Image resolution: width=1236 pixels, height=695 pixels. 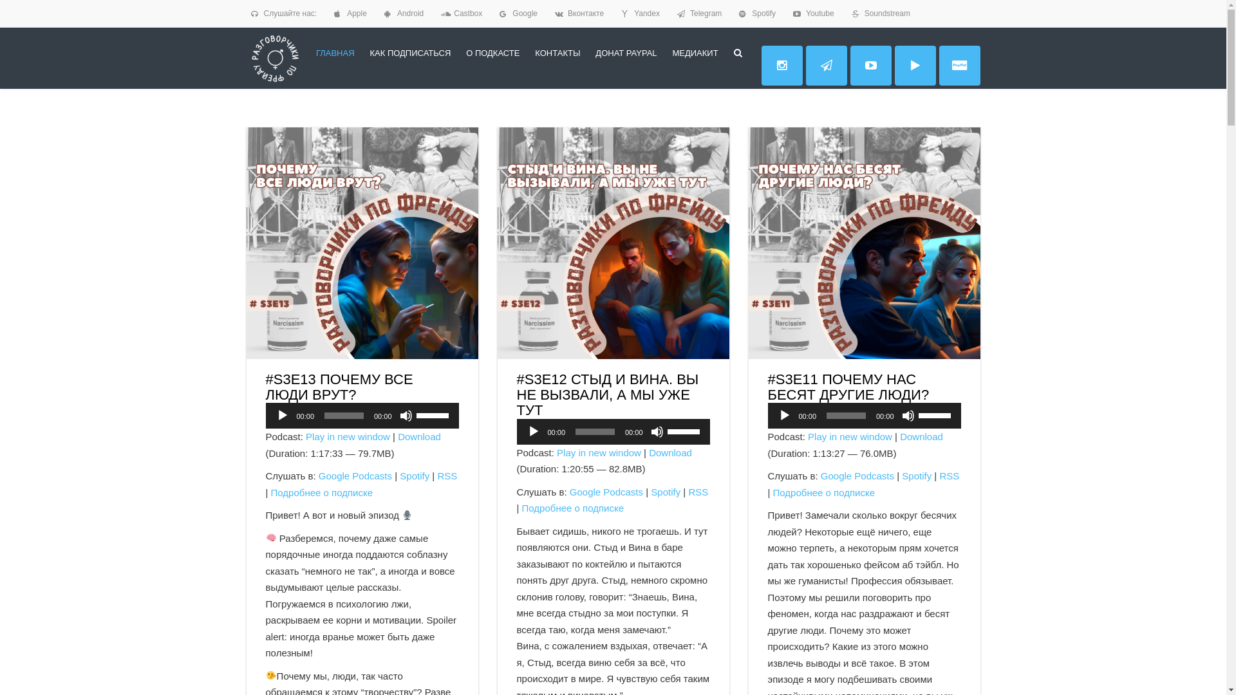 I want to click on 'Play in new window', so click(x=348, y=436).